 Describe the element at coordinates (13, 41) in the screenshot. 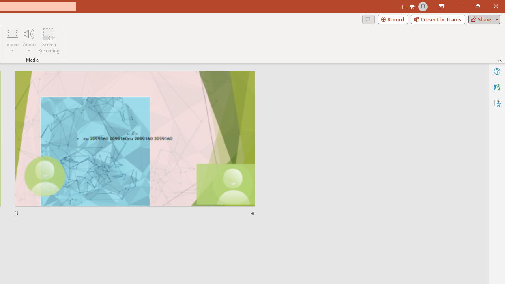

I see `'Video'` at that location.